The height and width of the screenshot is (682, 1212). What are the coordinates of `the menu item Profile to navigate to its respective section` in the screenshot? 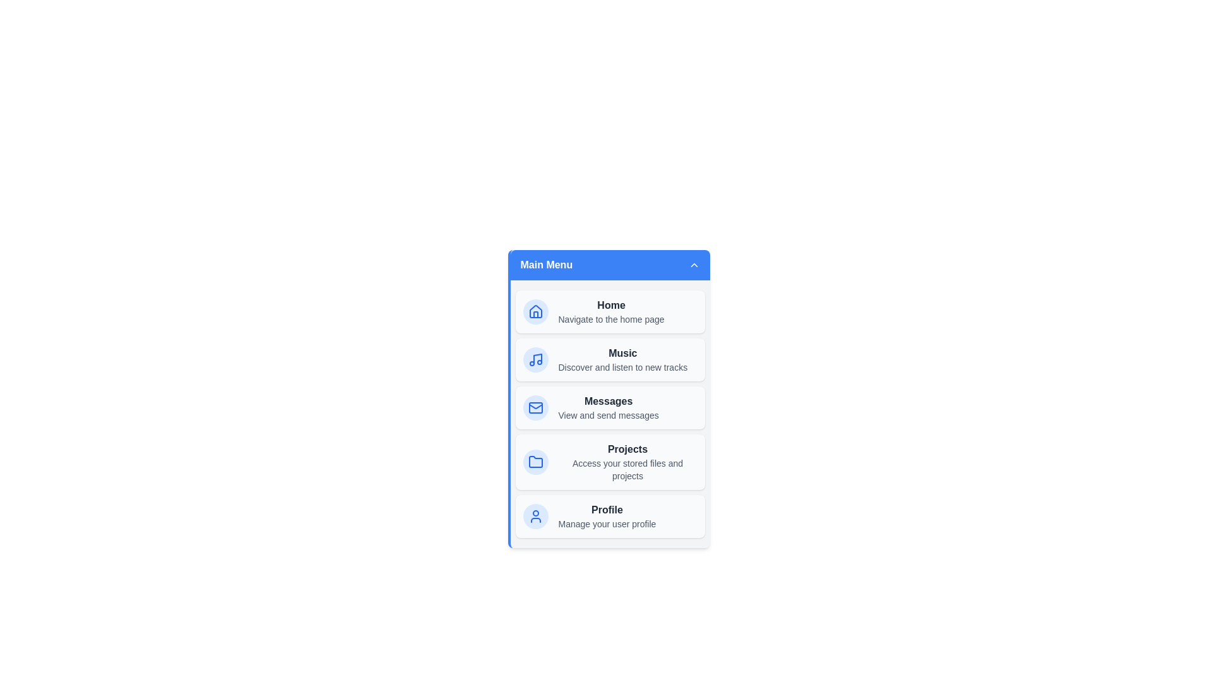 It's located at (610, 516).